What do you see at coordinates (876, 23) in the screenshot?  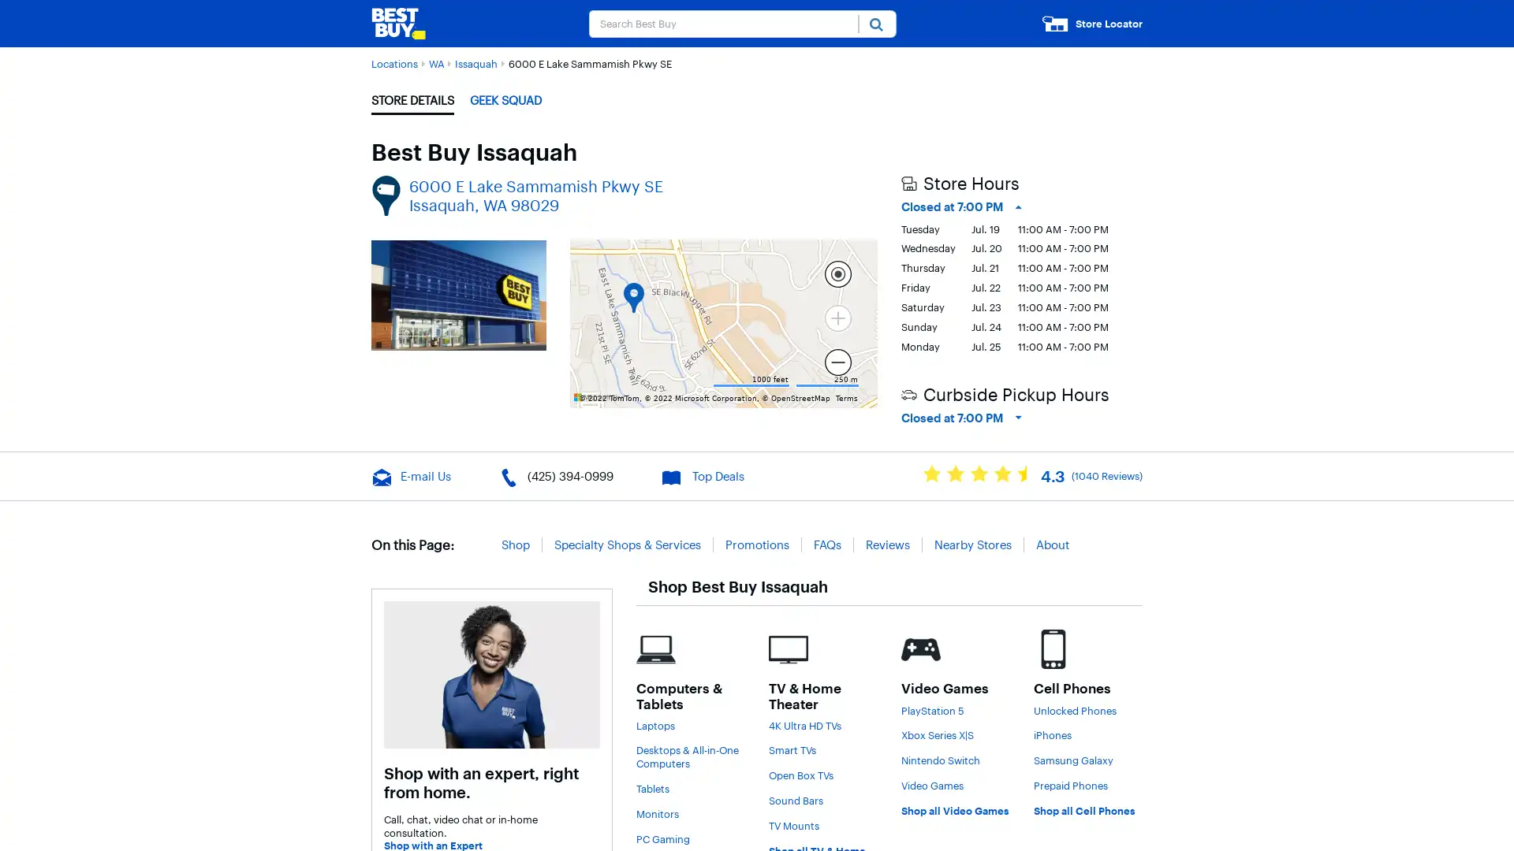 I see `Submit` at bounding box center [876, 23].